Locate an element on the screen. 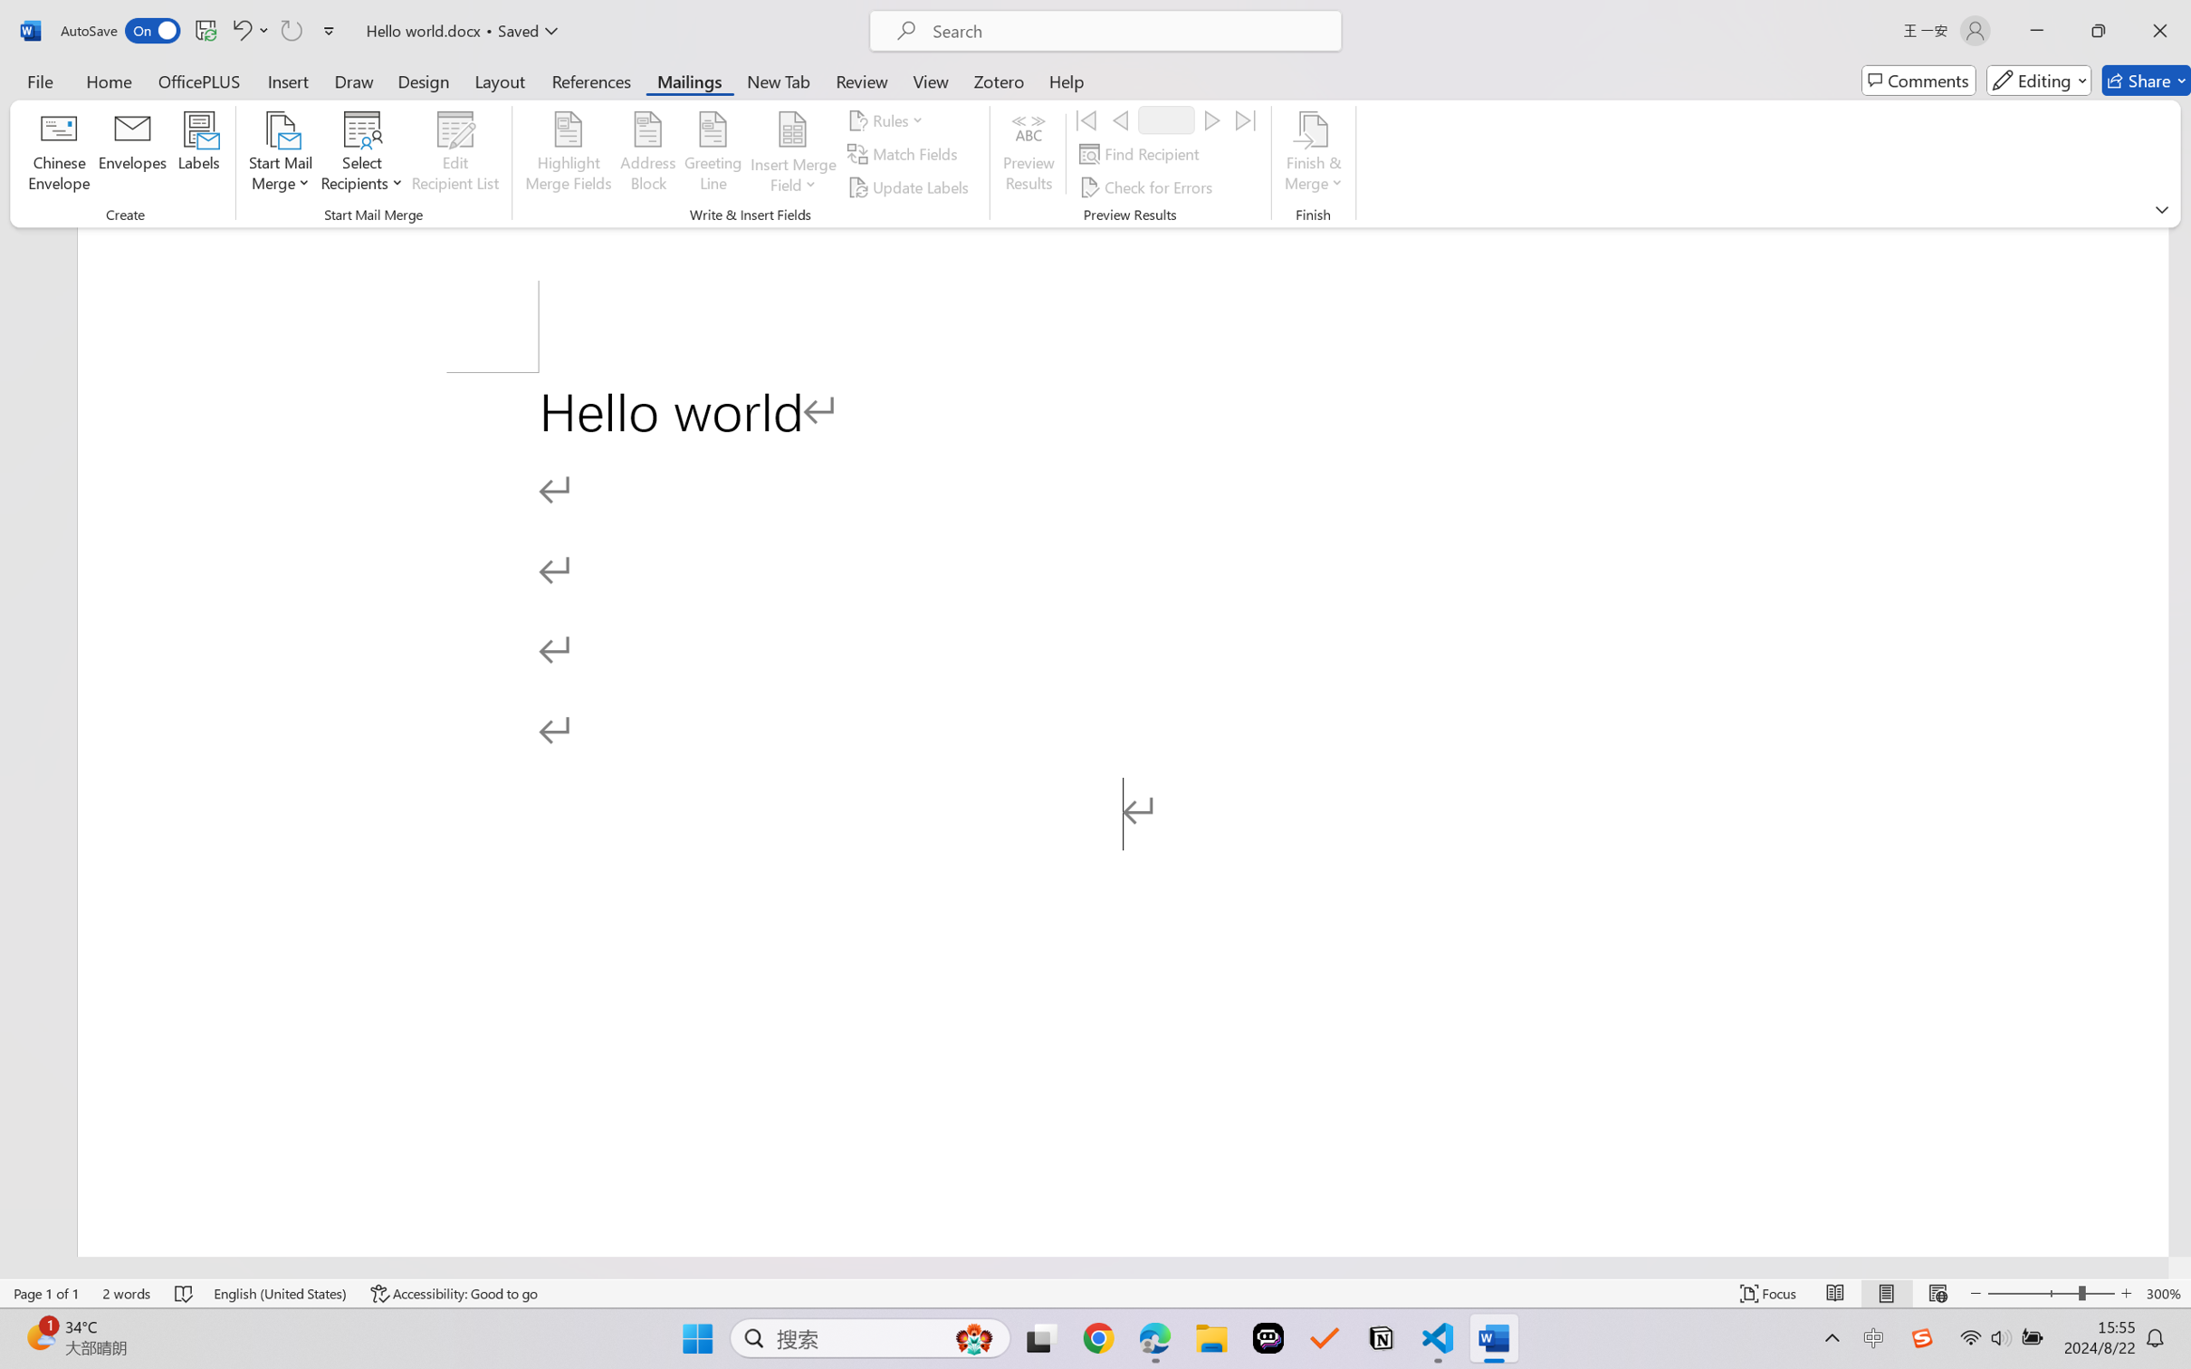 This screenshot has width=2191, height=1369. 'Envelopes...' is located at coordinates (133, 154).